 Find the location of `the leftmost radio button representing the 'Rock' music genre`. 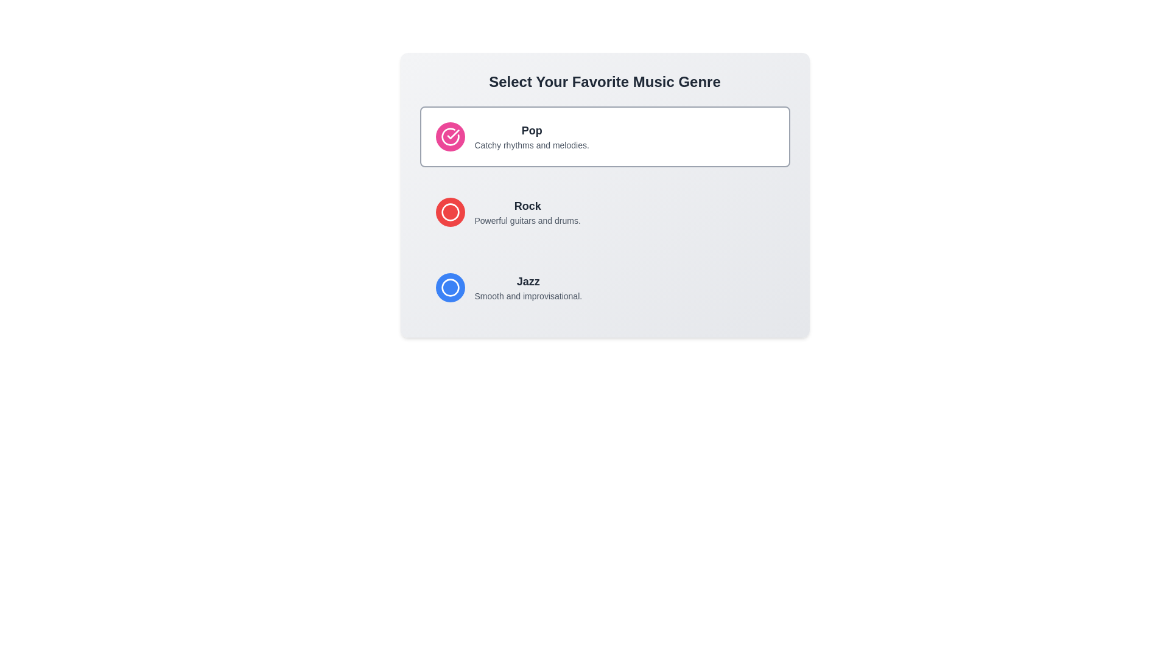

the leftmost radio button representing the 'Rock' music genre is located at coordinates (449, 211).